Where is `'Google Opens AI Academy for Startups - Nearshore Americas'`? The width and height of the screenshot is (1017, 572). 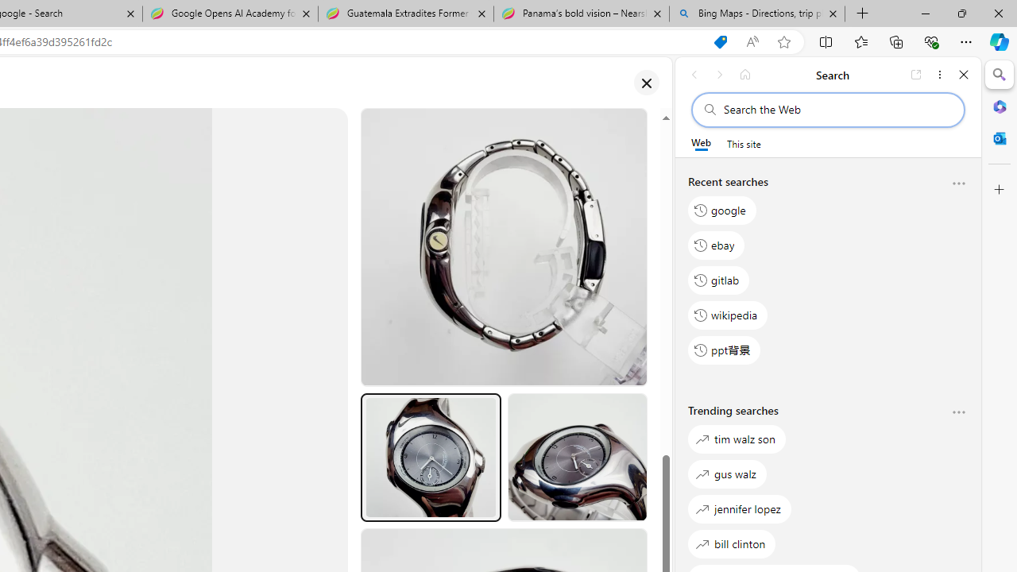
'Google Opens AI Academy for Startups - Nearshore Americas' is located at coordinates (230, 14).